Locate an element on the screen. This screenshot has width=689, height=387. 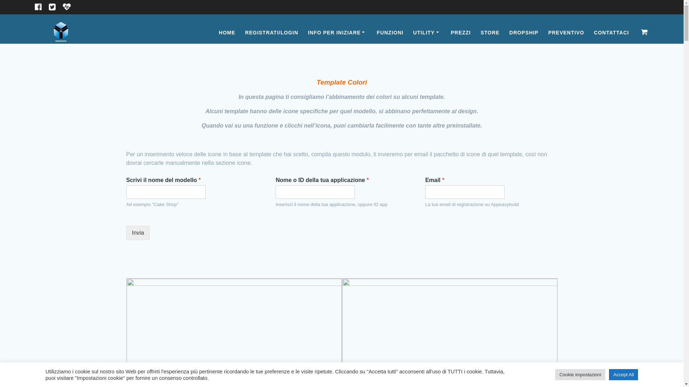
'STORE' is located at coordinates (481, 33).